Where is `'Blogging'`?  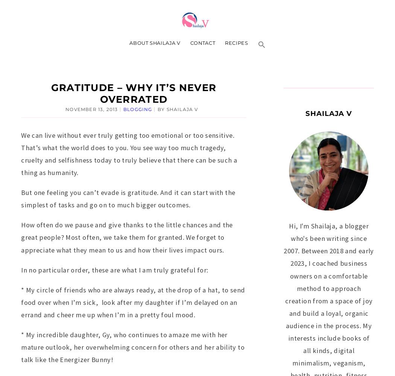 'Blogging' is located at coordinates (123, 108).